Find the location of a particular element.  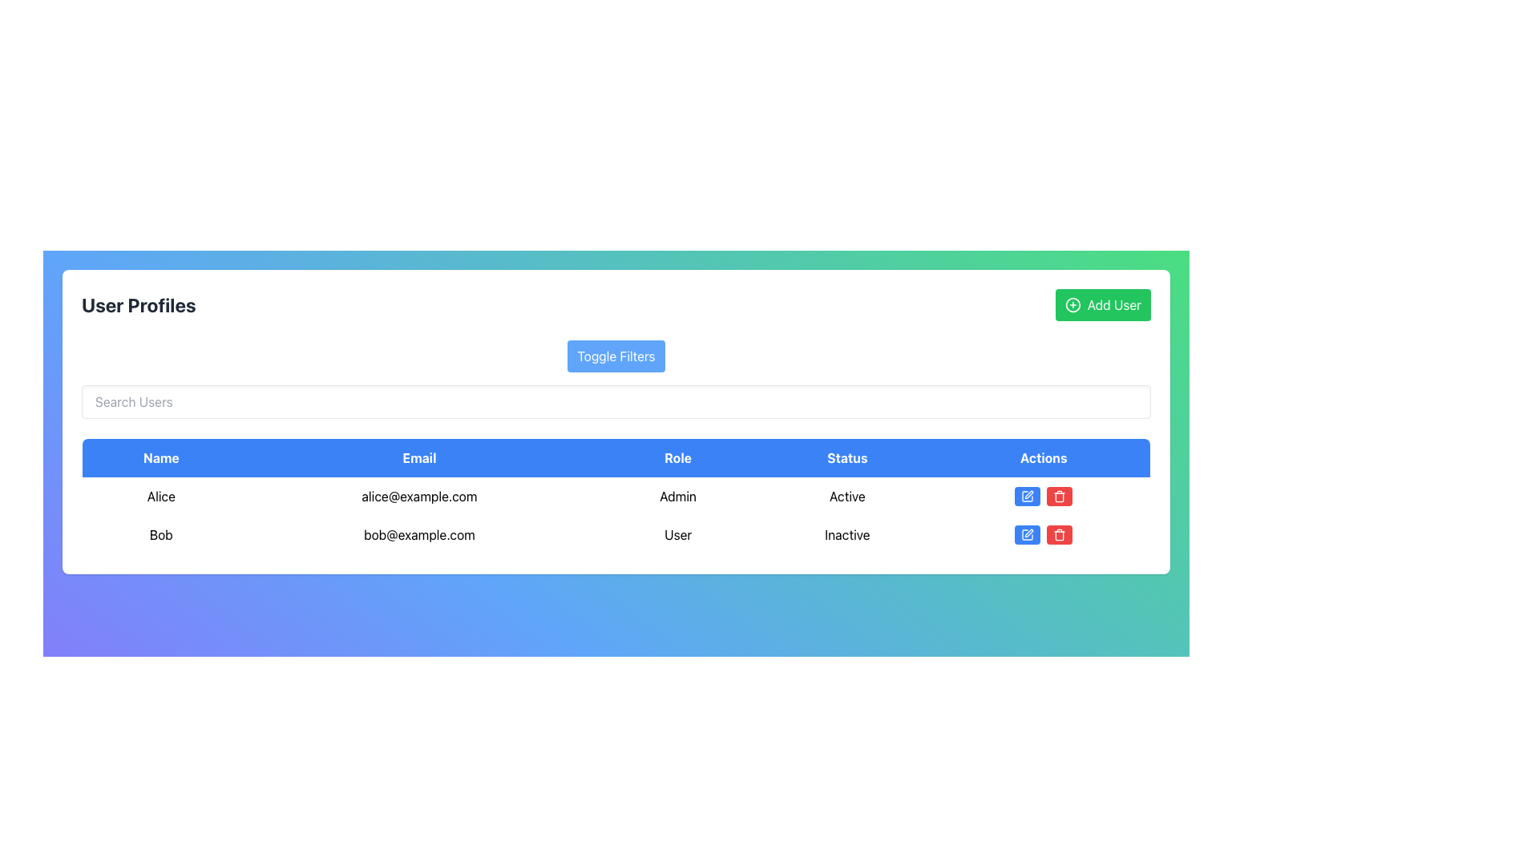

the edit icon button in the Actions column for user Bob is located at coordinates (1028, 534).